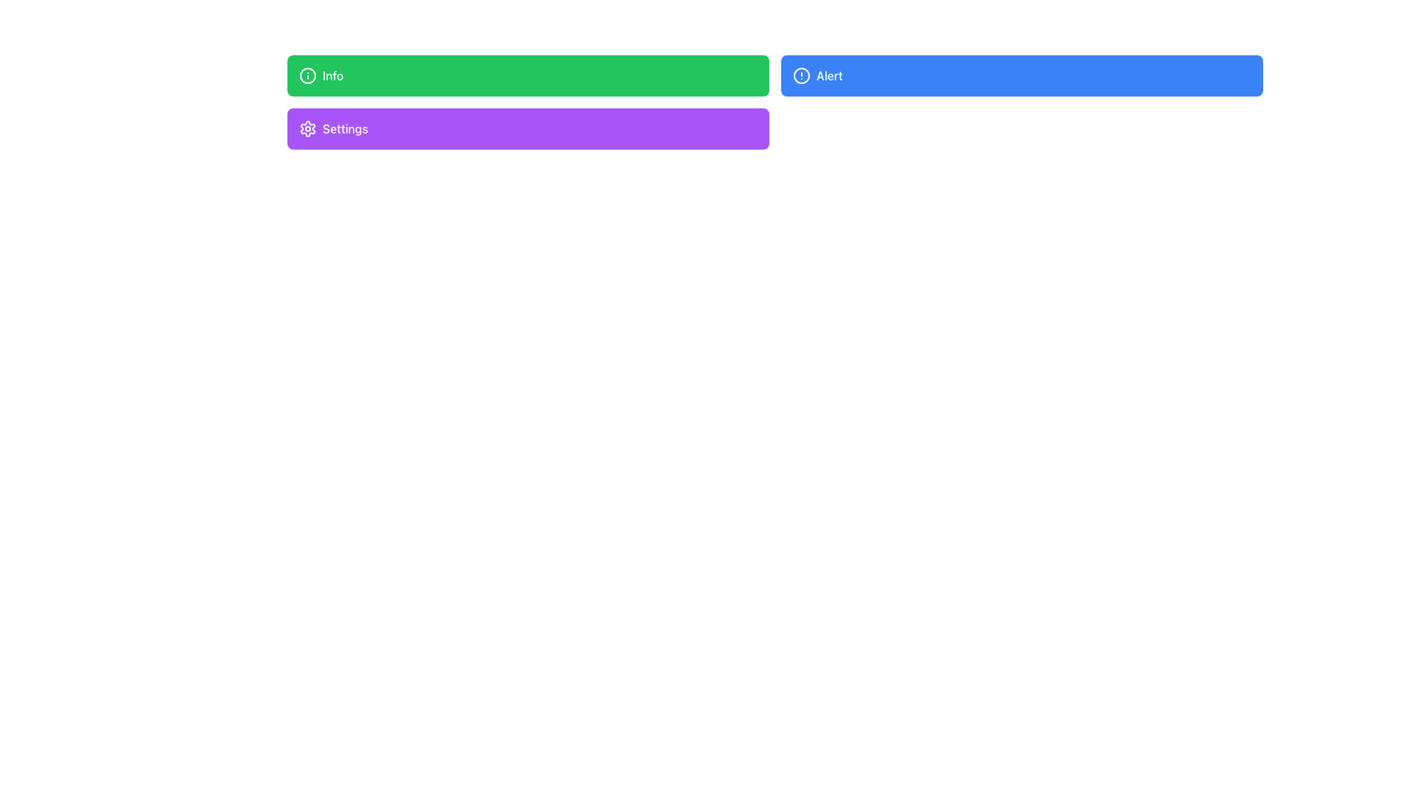 The width and height of the screenshot is (1415, 796). What do you see at coordinates (307, 76) in the screenshot?
I see `the circular 'Info' icon located at the leftmost side of the button labeled 'Info' for interactions` at bounding box center [307, 76].